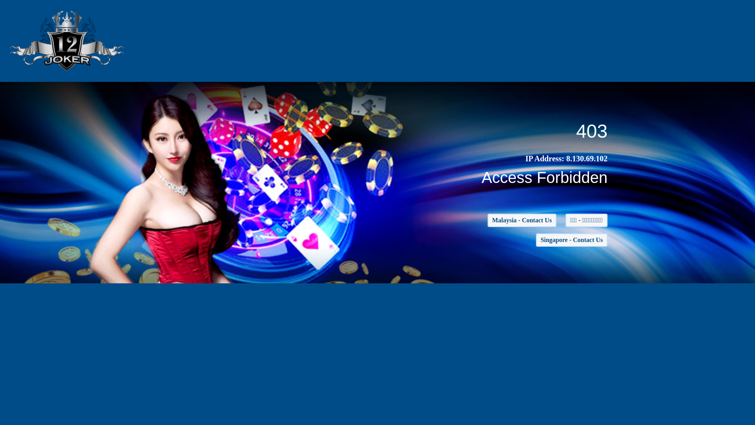 The image size is (755, 425). Describe the element at coordinates (522, 220) in the screenshot. I see `'Malaysia - Contact Us'` at that location.